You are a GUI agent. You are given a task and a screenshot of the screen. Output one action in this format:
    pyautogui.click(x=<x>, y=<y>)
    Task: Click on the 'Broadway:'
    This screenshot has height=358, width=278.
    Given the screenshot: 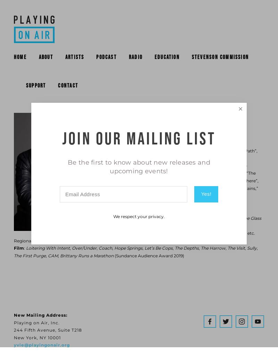 What is the action you would take?
    pyautogui.click(x=119, y=202)
    